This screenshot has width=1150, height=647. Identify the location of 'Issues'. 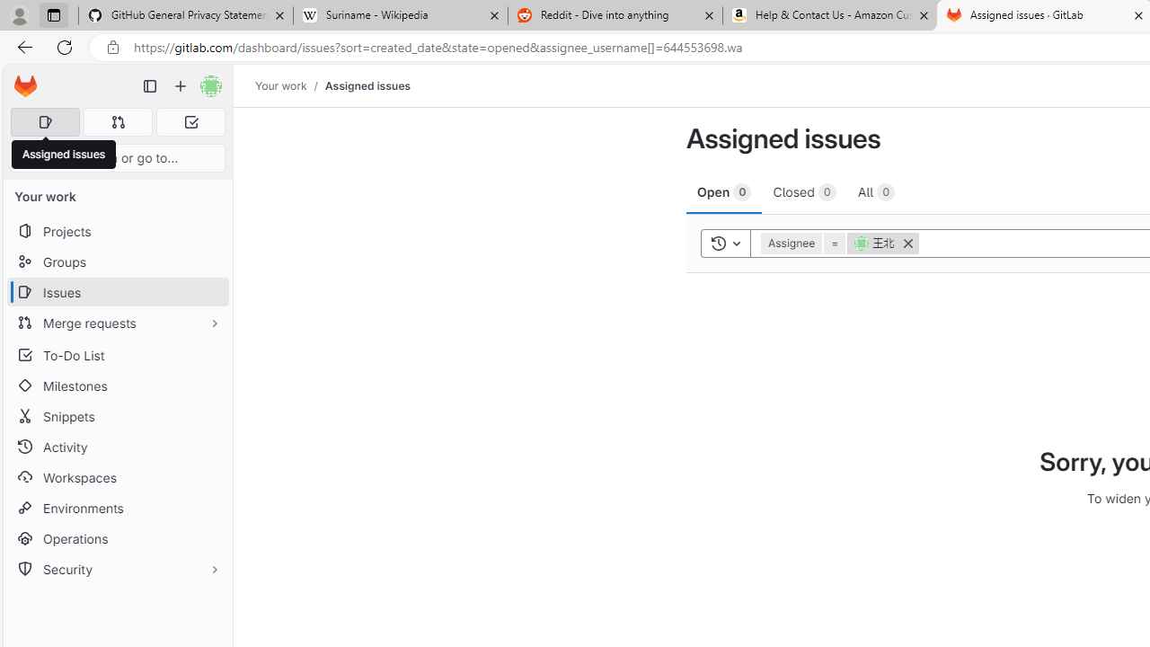
(117, 291).